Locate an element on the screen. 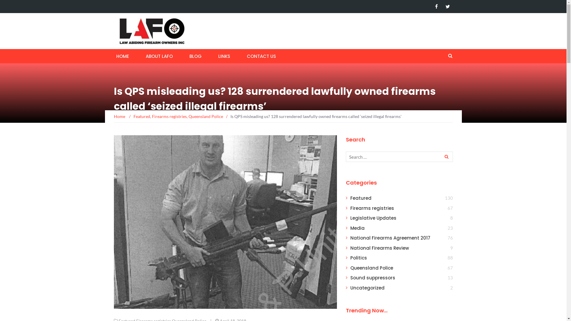 This screenshot has width=571, height=321. 'Uncategorized' is located at coordinates (367, 287).